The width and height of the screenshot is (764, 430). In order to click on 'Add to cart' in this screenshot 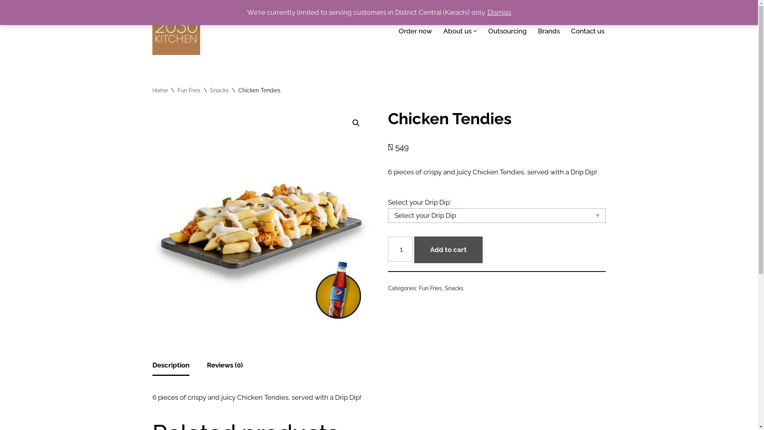, I will do `click(448, 249)`.